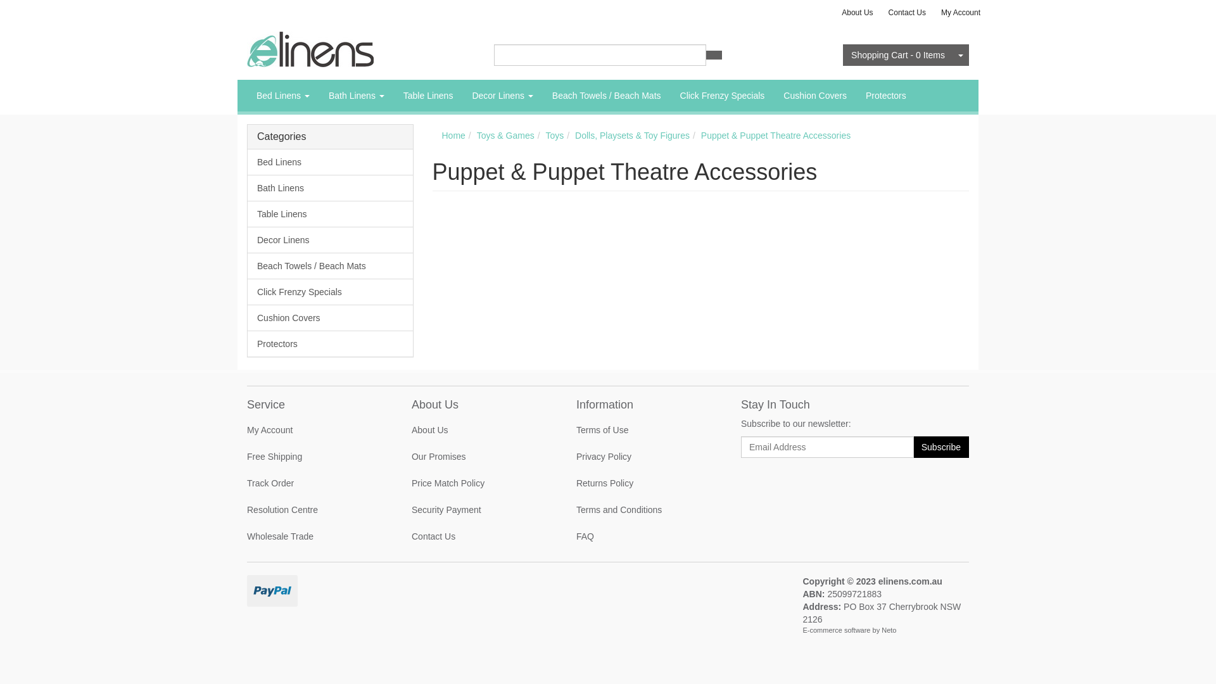  I want to click on 'Wholesale Trade', so click(237, 536).